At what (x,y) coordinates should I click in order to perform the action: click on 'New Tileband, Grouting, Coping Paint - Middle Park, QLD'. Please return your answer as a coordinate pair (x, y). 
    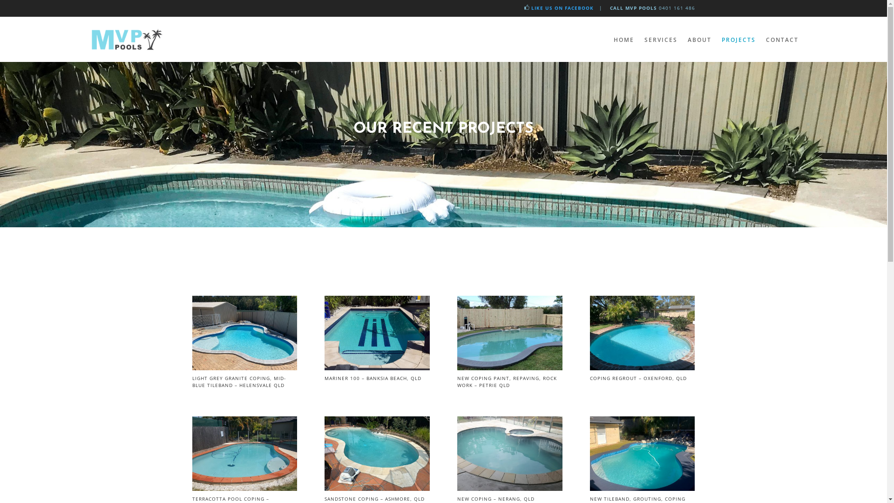
    Looking at the image, I should click on (642, 488).